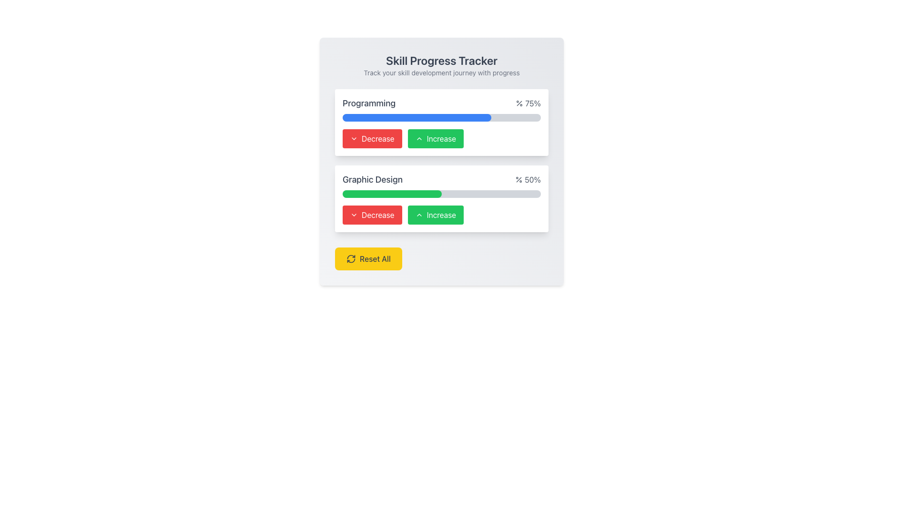 This screenshot has width=915, height=515. What do you see at coordinates (435, 215) in the screenshot?
I see `the 'Increase' button, which has a bright green background, rounded corners, and contains the text 'Increase' with a white chevron-up icon to observe hover effects` at bounding box center [435, 215].